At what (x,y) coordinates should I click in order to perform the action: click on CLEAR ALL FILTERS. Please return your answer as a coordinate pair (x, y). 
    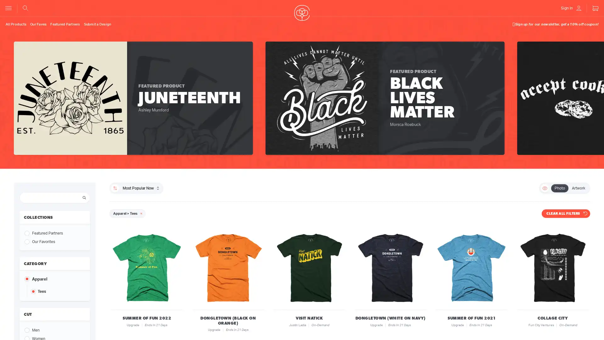
    Looking at the image, I should click on (566, 213).